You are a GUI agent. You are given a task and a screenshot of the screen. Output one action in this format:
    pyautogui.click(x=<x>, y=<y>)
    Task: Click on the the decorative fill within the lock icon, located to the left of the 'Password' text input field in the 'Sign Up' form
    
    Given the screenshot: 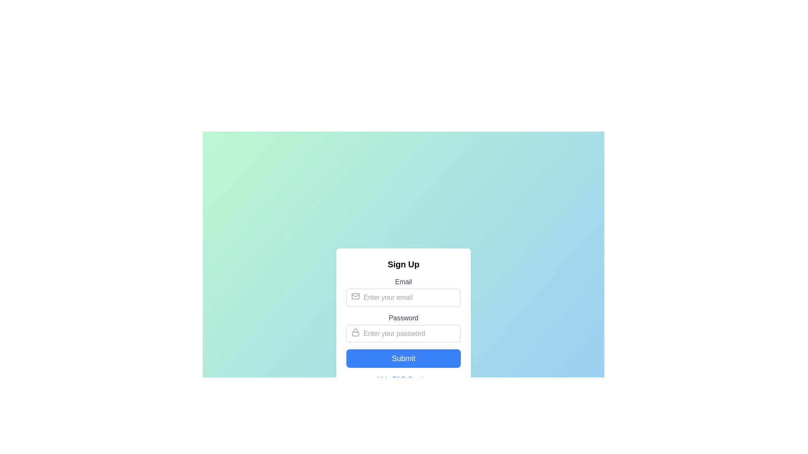 What is the action you would take?
    pyautogui.click(x=355, y=333)
    